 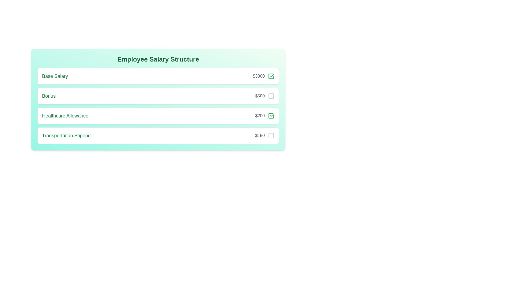 I want to click on the salary breakdown item corresponding to Healthcare Allowance, so click(x=271, y=115).